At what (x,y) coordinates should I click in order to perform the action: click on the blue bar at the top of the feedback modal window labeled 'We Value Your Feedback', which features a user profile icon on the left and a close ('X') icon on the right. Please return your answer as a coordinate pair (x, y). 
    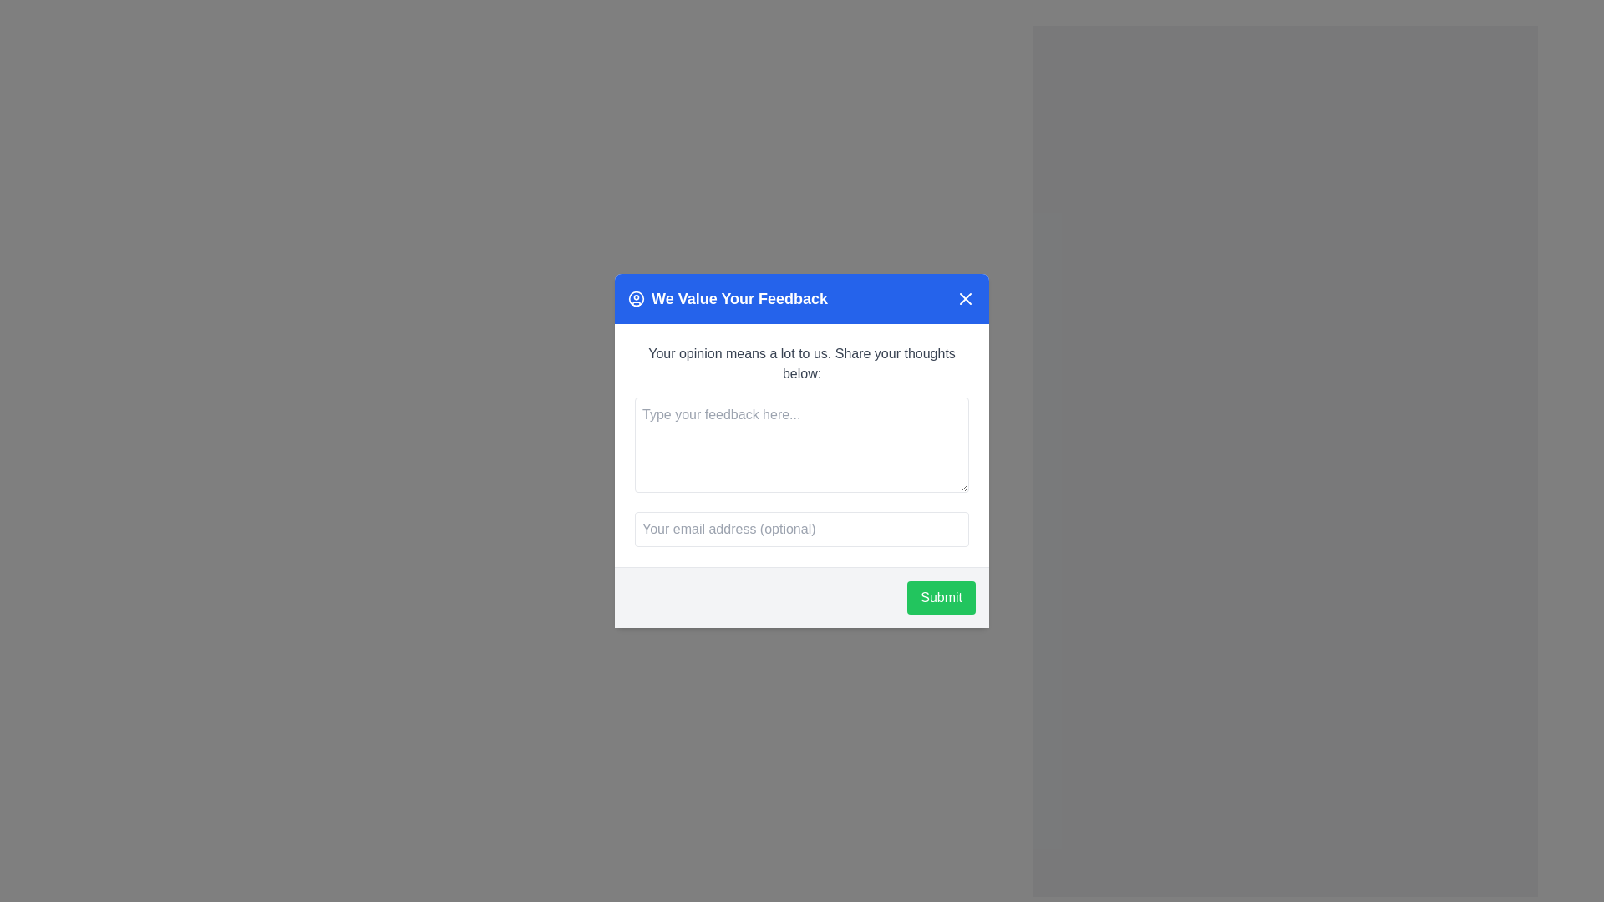
    Looking at the image, I should click on (802, 298).